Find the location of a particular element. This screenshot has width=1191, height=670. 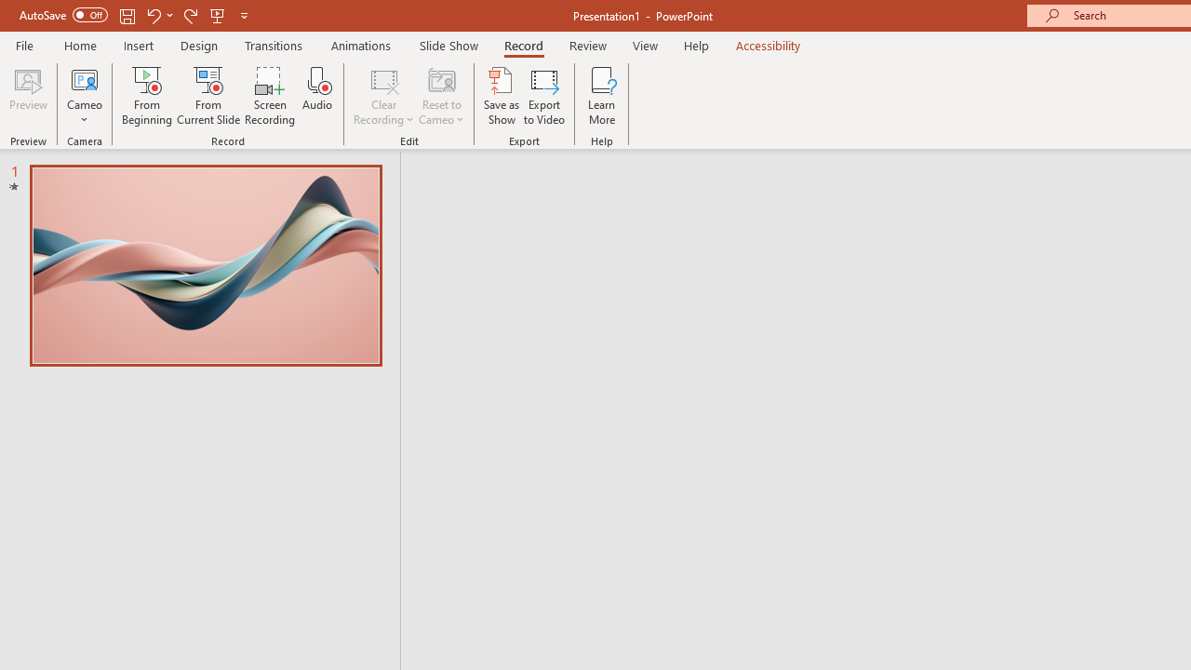

'Audio' is located at coordinates (317, 96).